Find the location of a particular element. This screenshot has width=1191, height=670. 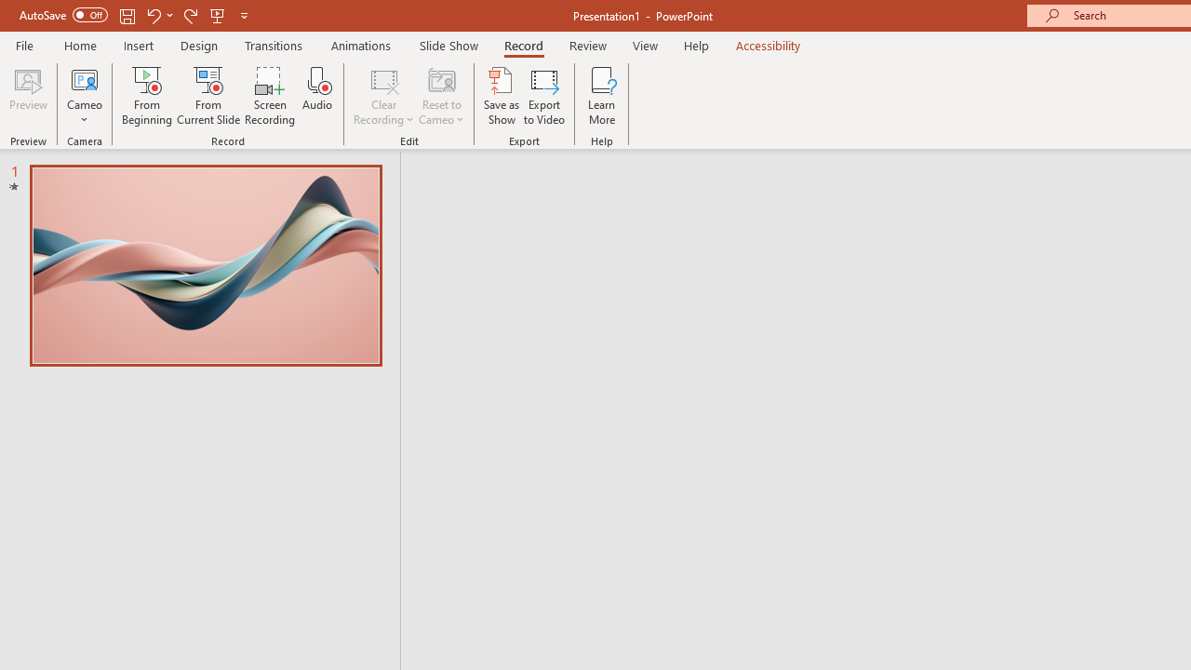

'Audio' is located at coordinates (317, 96).